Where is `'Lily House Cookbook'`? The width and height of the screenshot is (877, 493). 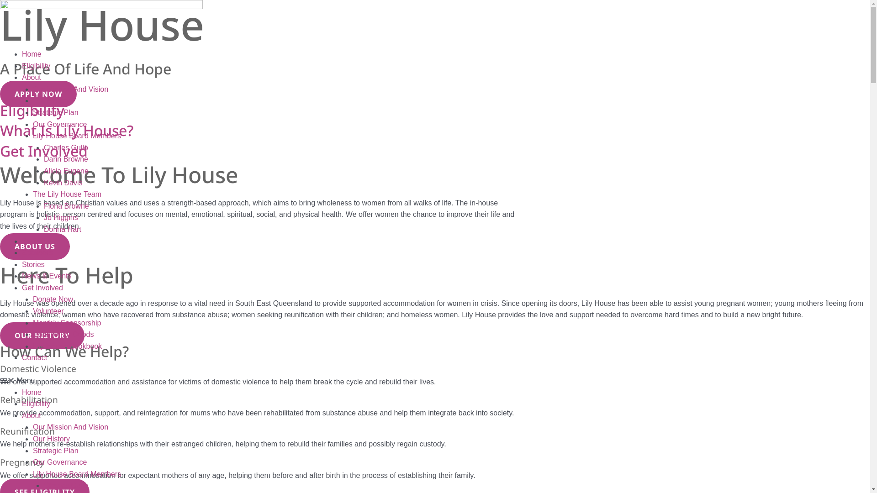 'Lily House Cookbook' is located at coordinates (67, 346).